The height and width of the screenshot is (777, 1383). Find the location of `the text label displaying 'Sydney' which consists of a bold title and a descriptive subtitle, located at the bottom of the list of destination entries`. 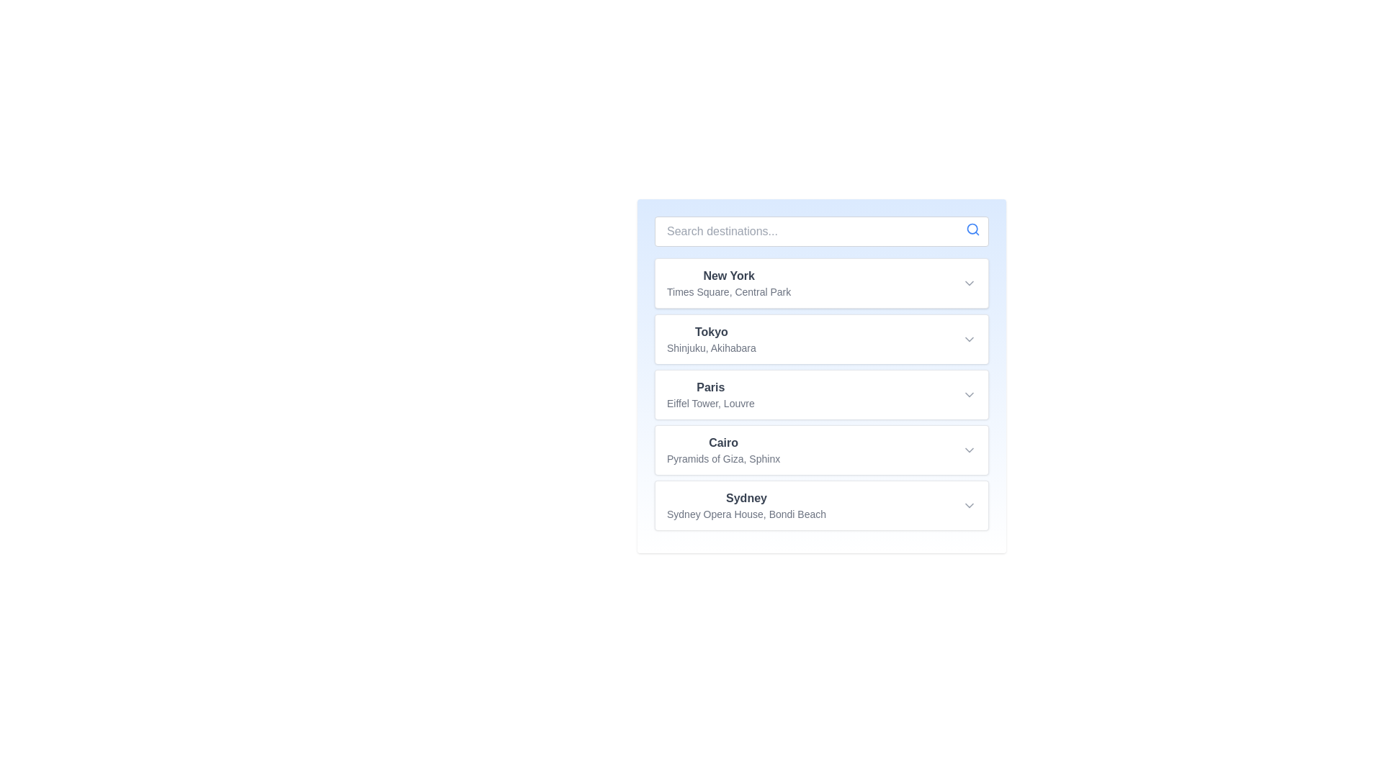

the text label displaying 'Sydney' which consists of a bold title and a descriptive subtitle, located at the bottom of the list of destination entries is located at coordinates (746, 504).